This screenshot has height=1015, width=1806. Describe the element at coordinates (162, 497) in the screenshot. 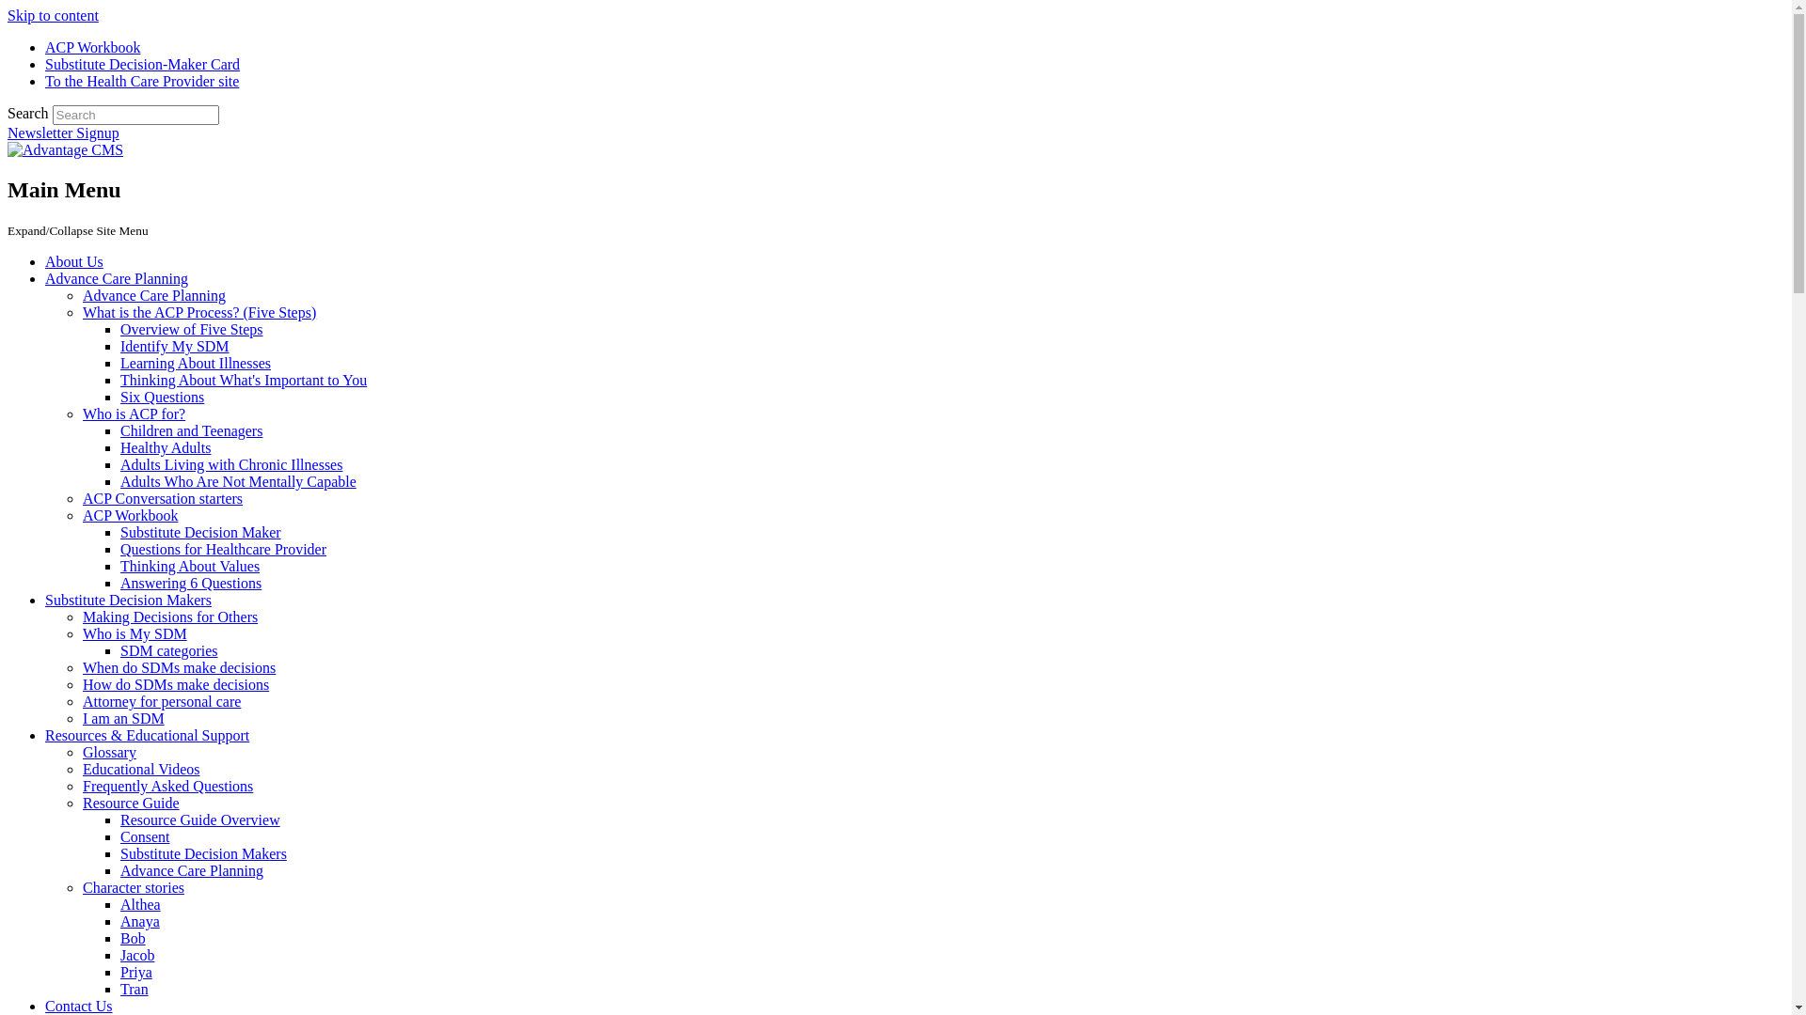

I see `'ACP Conversation starters'` at that location.